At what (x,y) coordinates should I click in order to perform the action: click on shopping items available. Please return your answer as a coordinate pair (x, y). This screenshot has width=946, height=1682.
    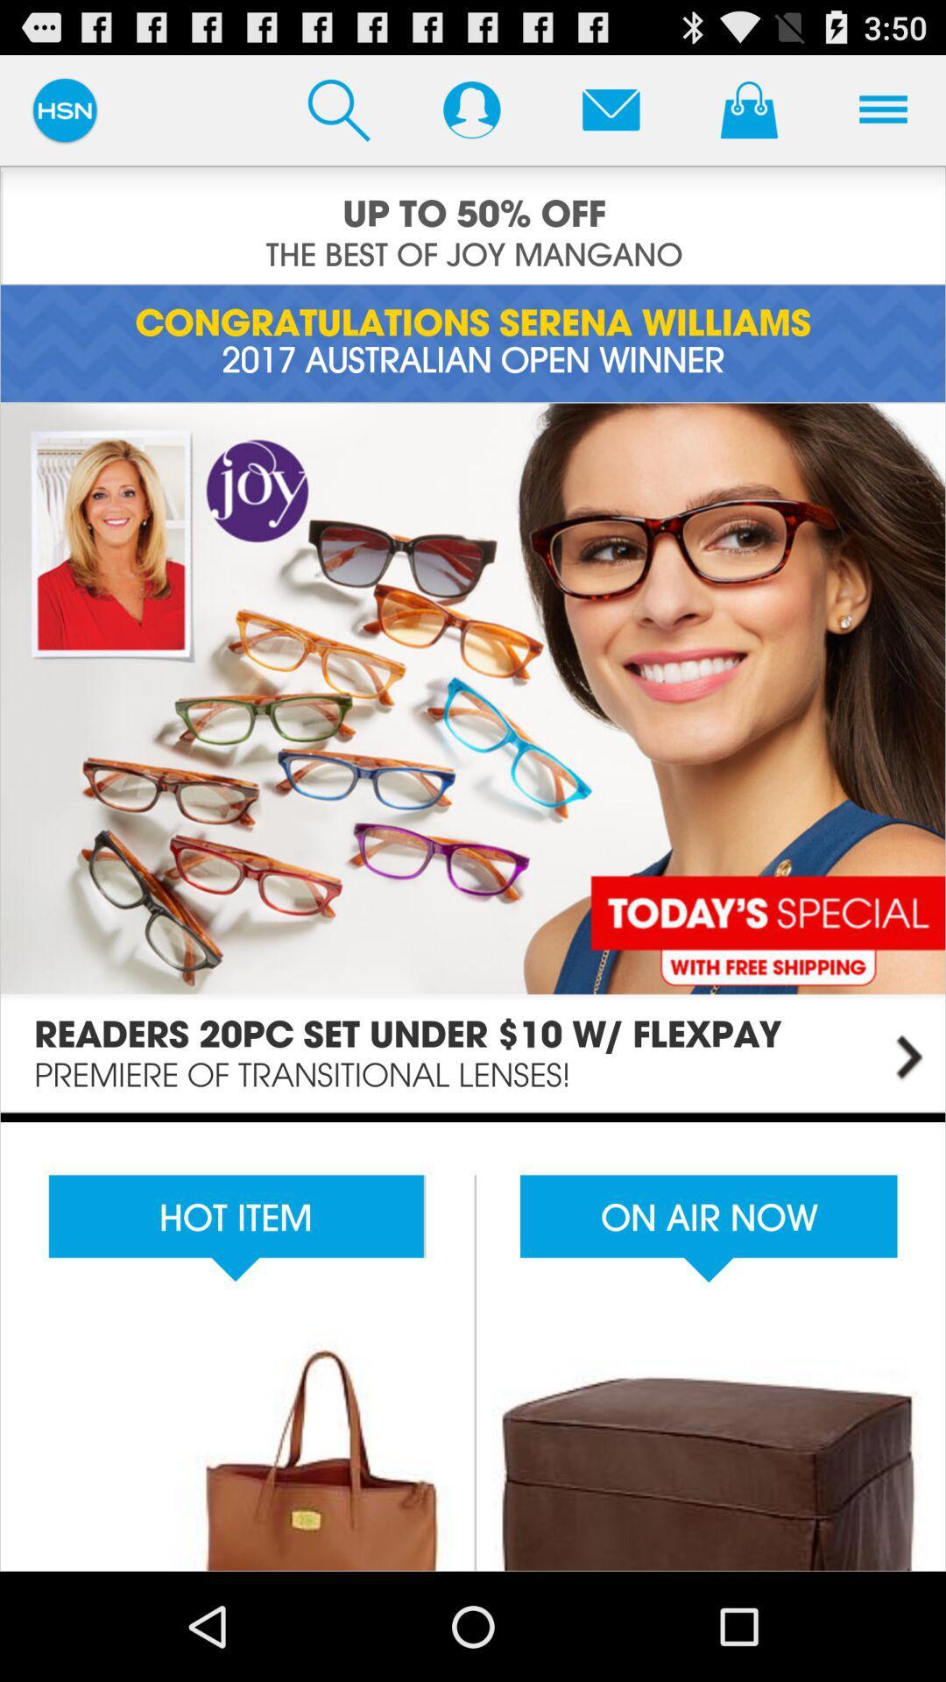
    Looking at the image, I should click on (473, 1340).